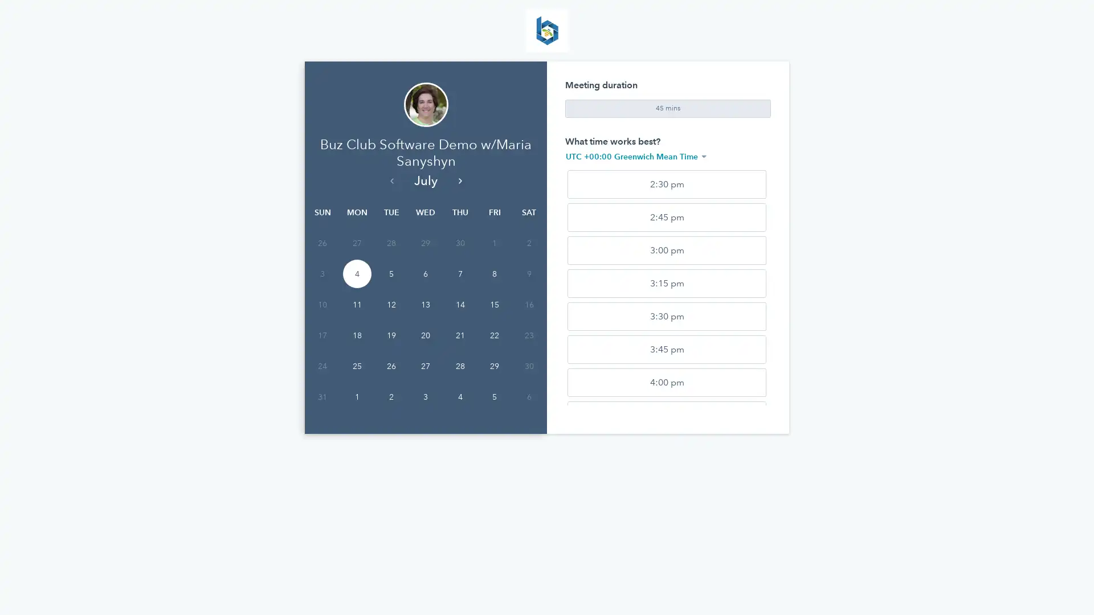 This screenshot has height=615, width=1094. What do you see at coordinates (322, 396) in the screenshot?
I see `July 31st` at bounding box center [322, 396].